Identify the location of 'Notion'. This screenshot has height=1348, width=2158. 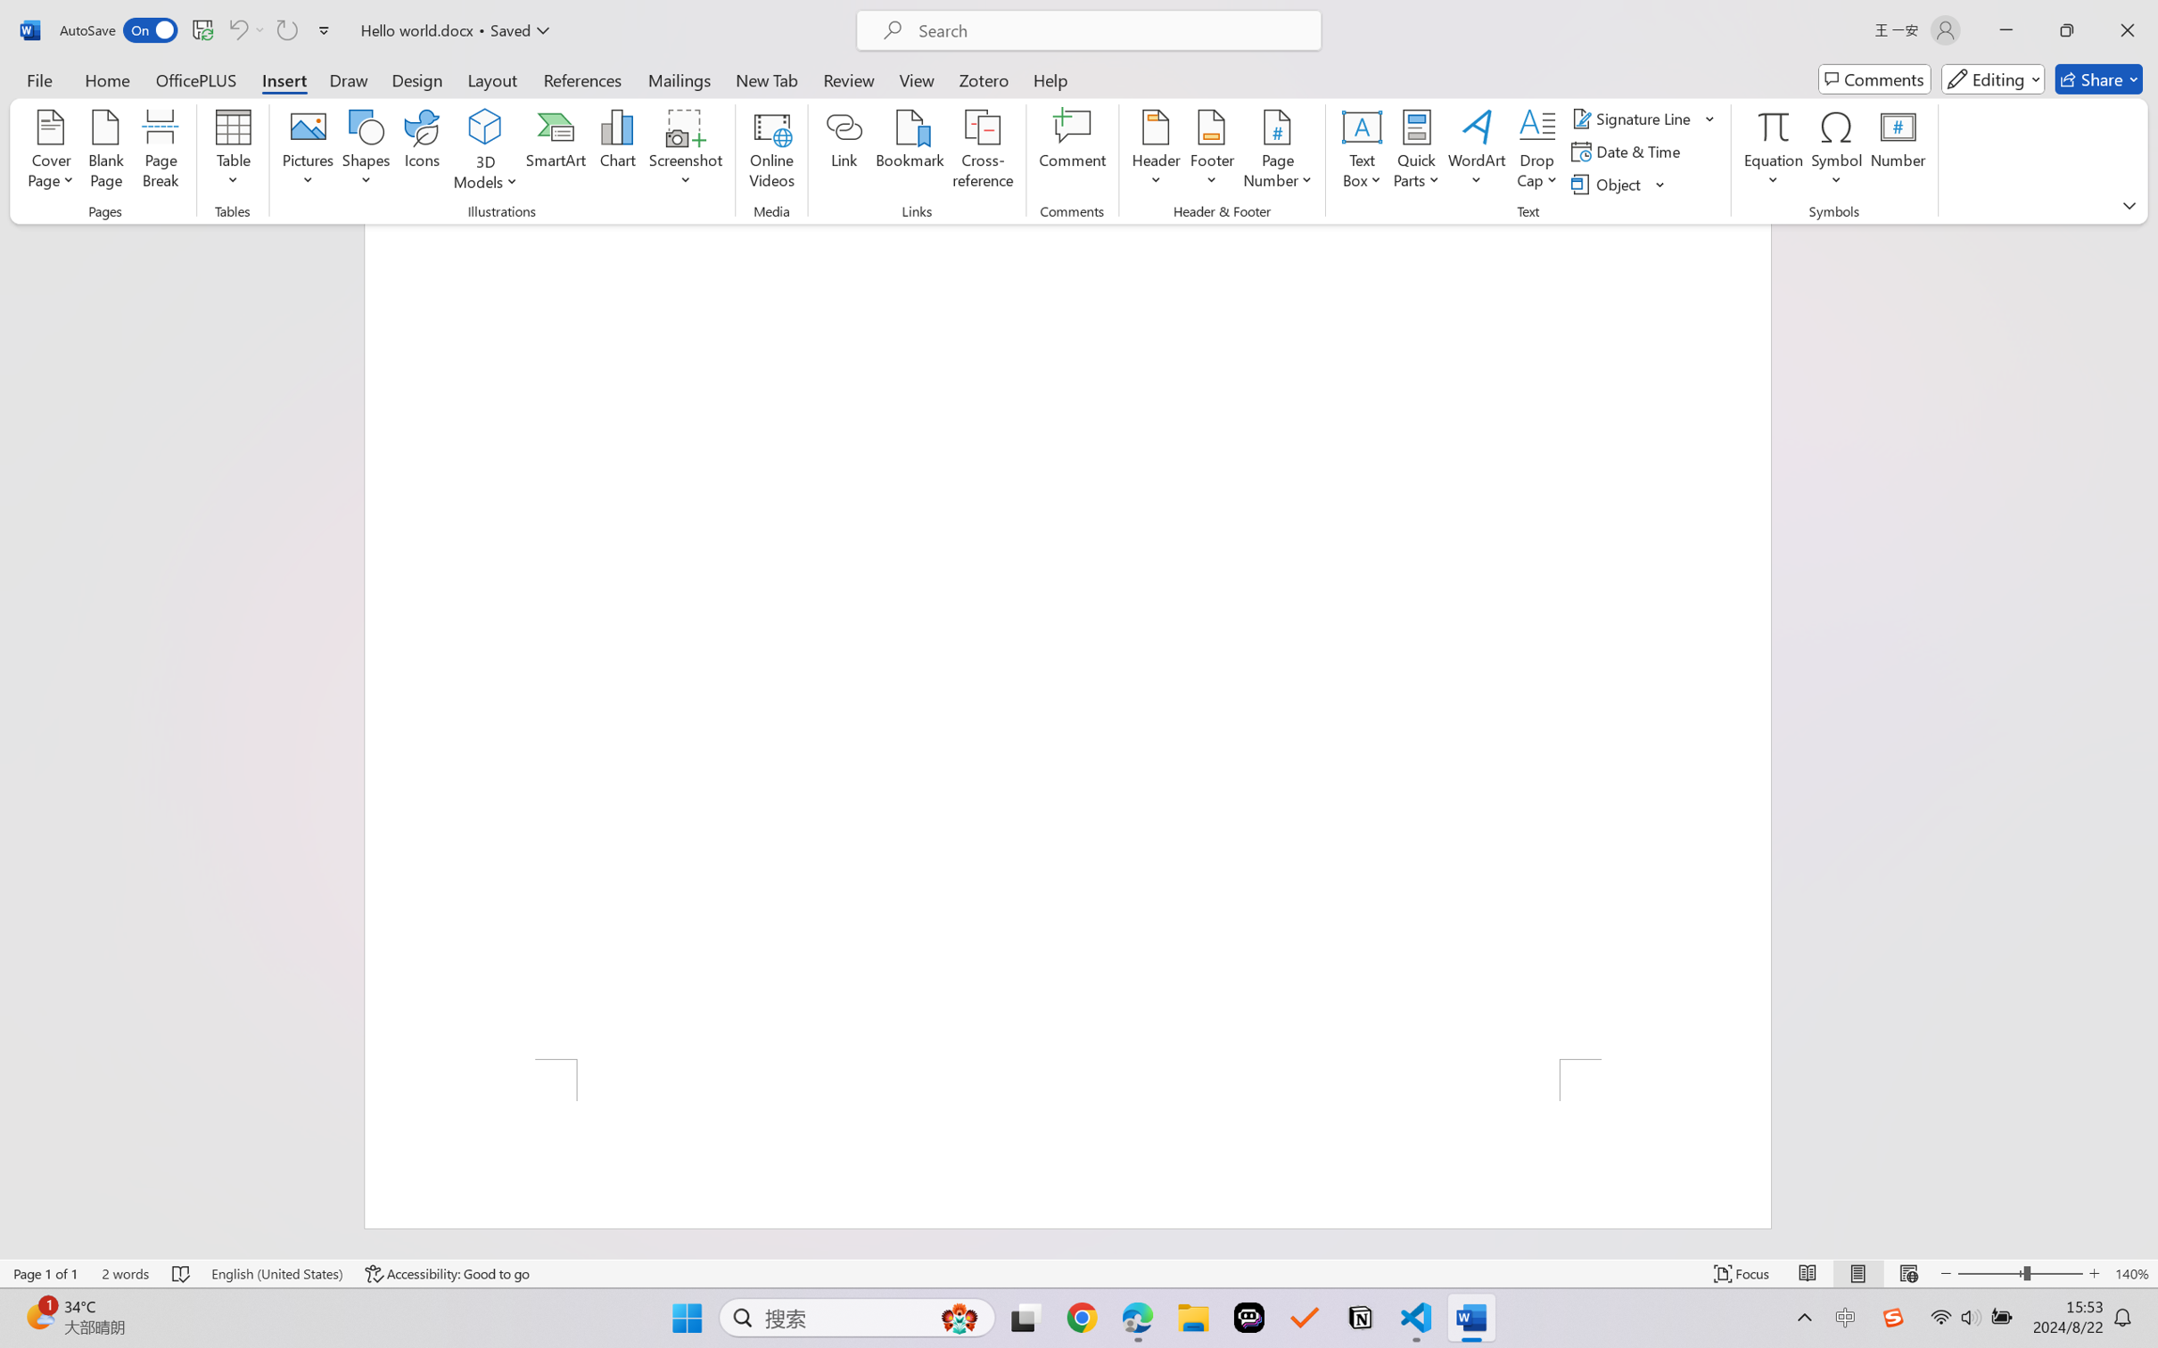
(1360, 1318).